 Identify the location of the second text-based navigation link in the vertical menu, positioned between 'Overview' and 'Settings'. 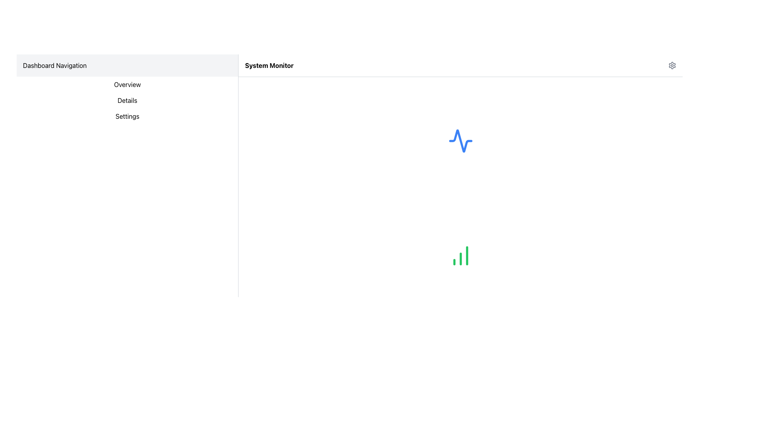
(127, 100).